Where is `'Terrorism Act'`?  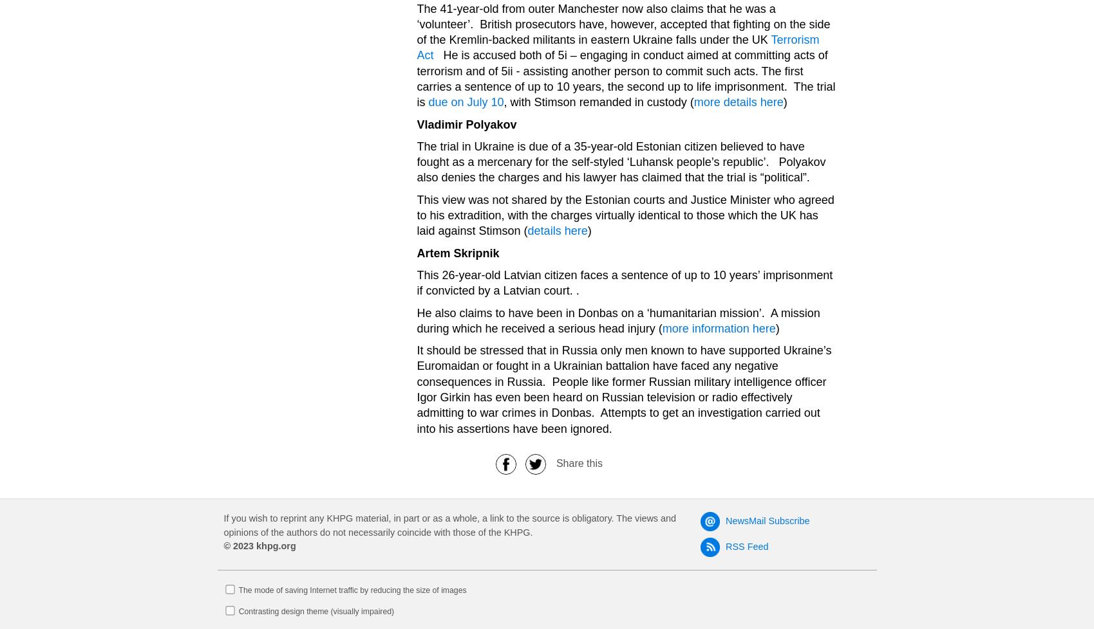 'Terrorism Act' is located at coordinates (618, 48).